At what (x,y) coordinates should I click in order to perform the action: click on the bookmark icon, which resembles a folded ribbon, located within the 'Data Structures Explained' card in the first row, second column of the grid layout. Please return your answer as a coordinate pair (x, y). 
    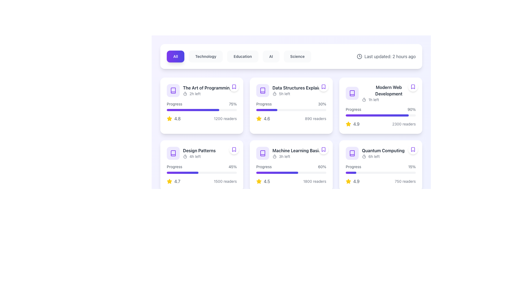
    Looking at the image, I should click on (323, 86).